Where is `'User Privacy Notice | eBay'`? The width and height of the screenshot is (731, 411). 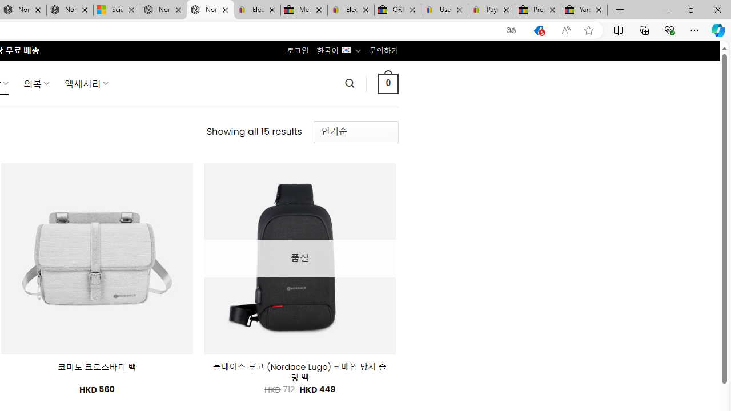 'User Privacy Notice | eBay' is located at coordinates (444, 10).